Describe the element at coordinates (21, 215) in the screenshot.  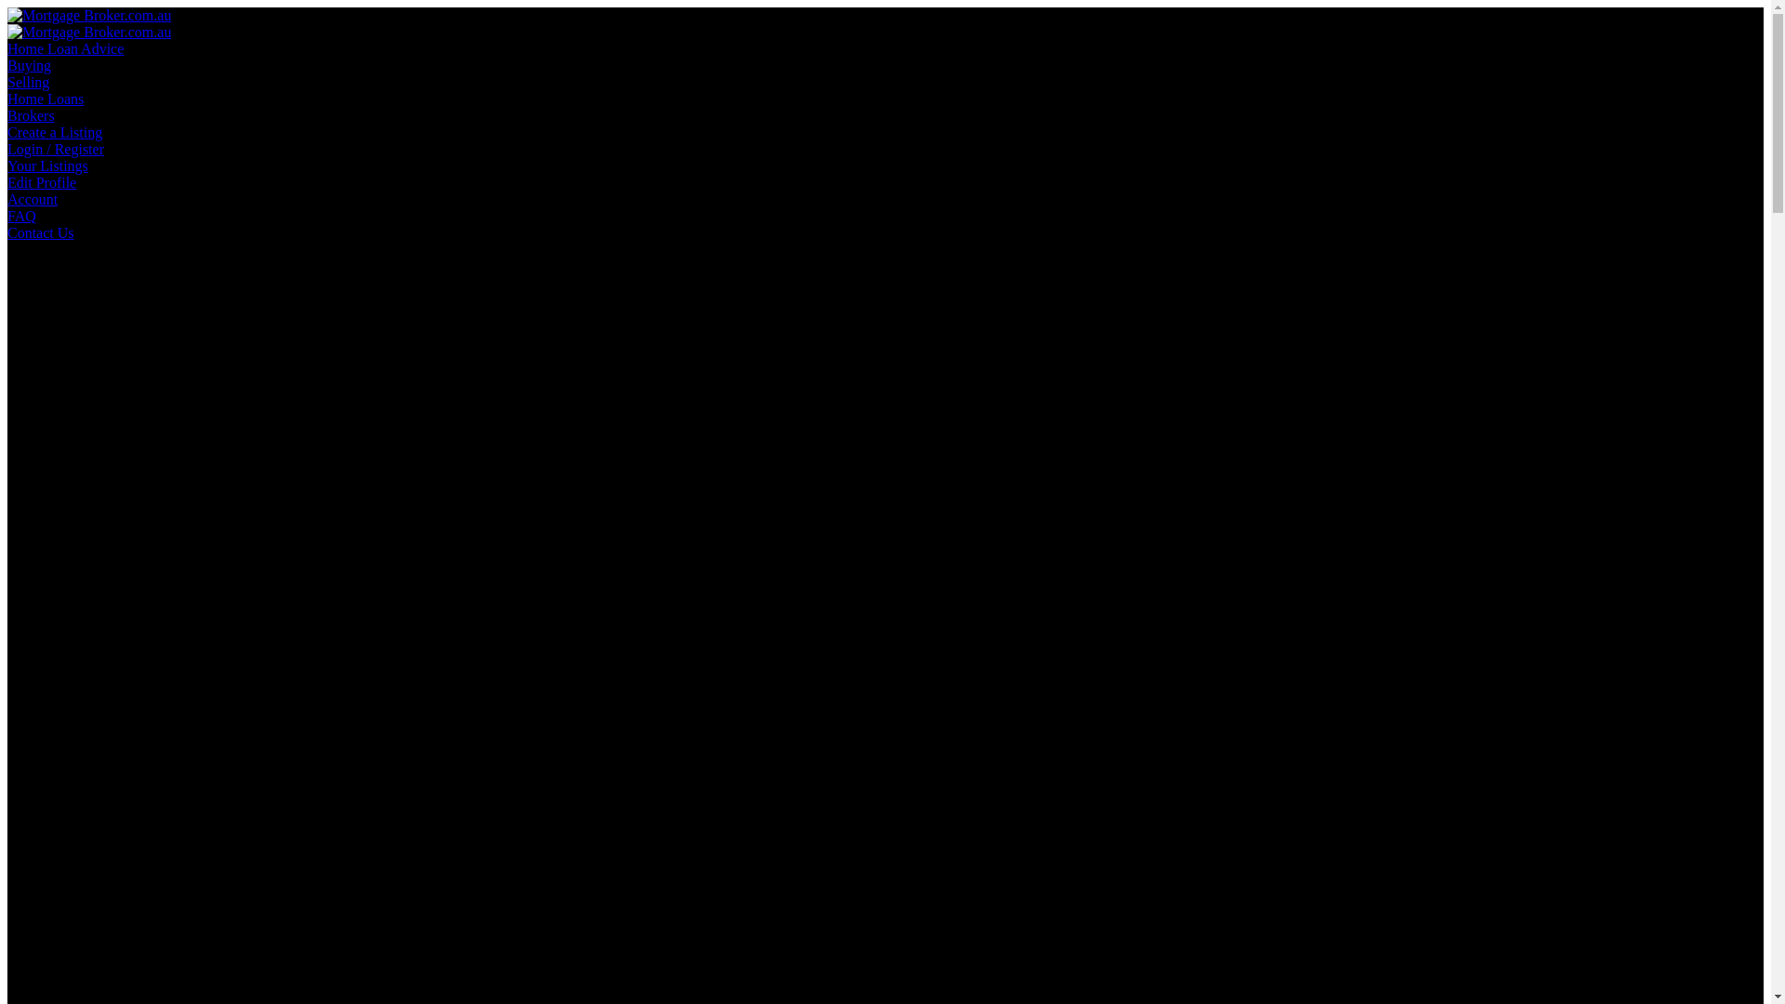
I see `'FAQ'` at that location.